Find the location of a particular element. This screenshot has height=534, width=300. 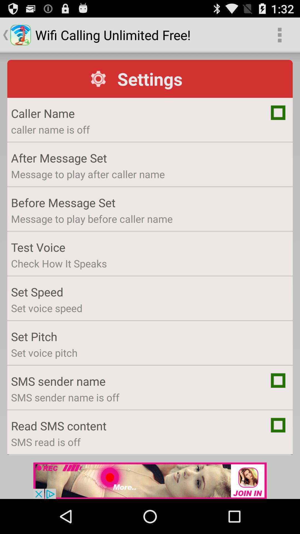

content is located at coordinates (278, 425).